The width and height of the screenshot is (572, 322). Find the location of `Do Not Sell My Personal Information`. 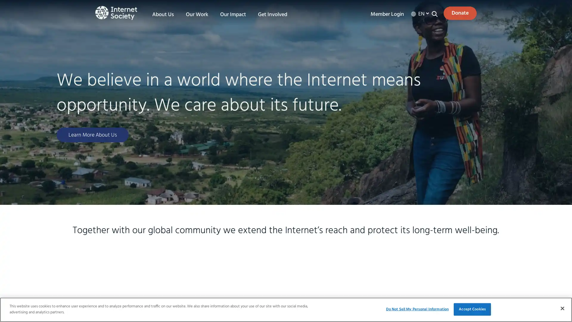

Do Not Sell My Personal Information is located at coordinates (417, 309).